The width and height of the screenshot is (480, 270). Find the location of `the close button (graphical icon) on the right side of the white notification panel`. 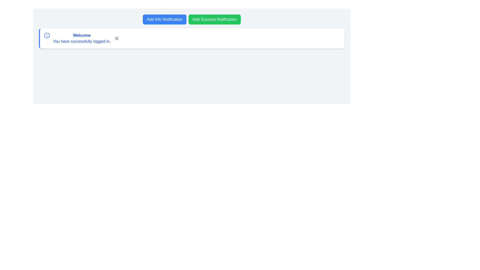

the close button (graphical icon) on the right side of the white notification panel is located at coordinates (116, 38).